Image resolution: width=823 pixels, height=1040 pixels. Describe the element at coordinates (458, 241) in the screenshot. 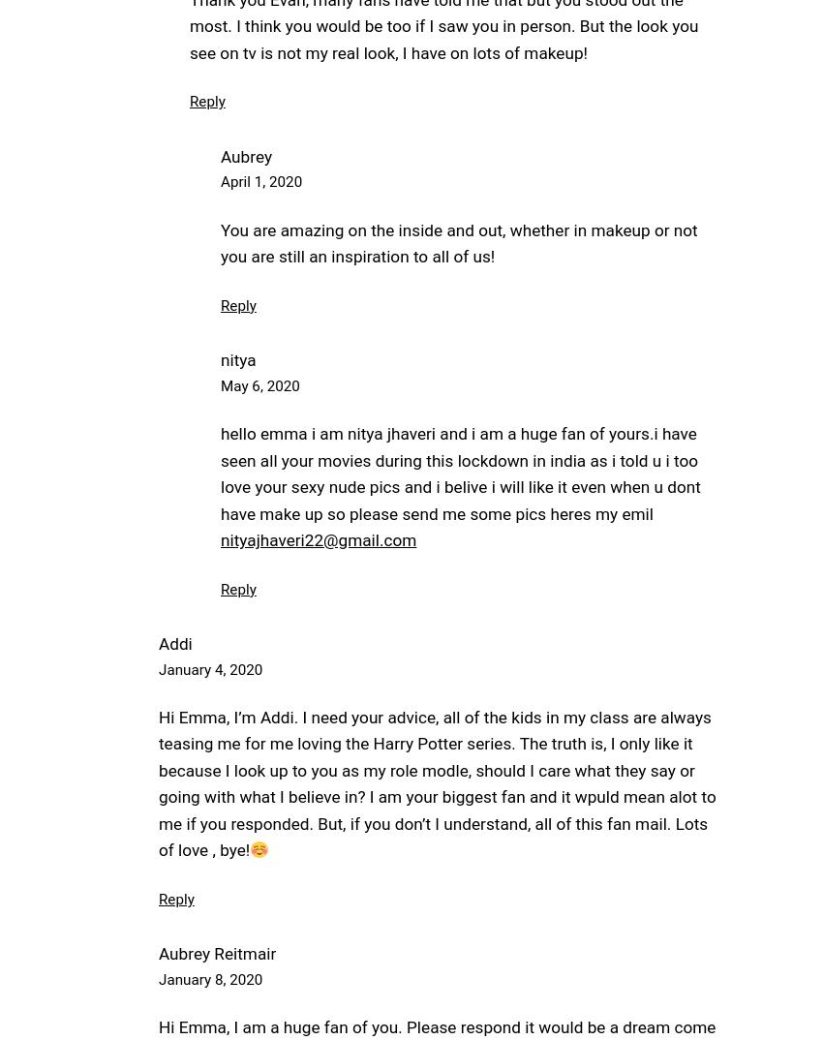

I see `'You are amazing on the inside and out, whether in makeup or not you are still an inspiration to all of us!'` at that location.